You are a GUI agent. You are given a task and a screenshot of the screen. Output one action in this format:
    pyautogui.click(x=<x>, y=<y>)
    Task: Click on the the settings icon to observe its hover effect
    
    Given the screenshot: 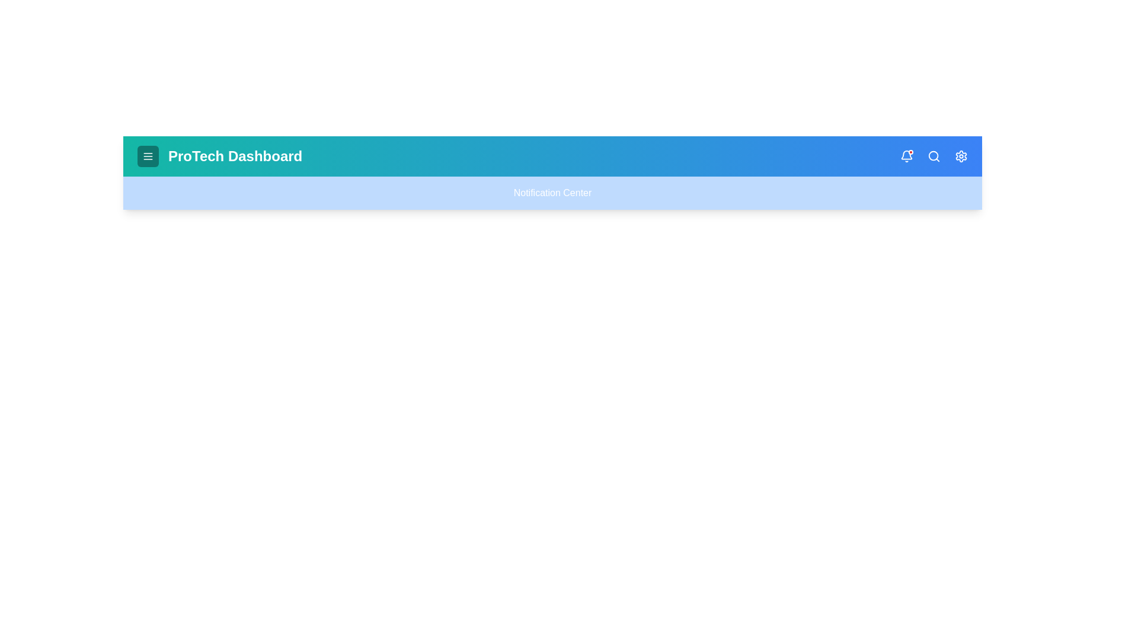 What is the action you would take?
    pyautogui.click(x=961, y=155)
    